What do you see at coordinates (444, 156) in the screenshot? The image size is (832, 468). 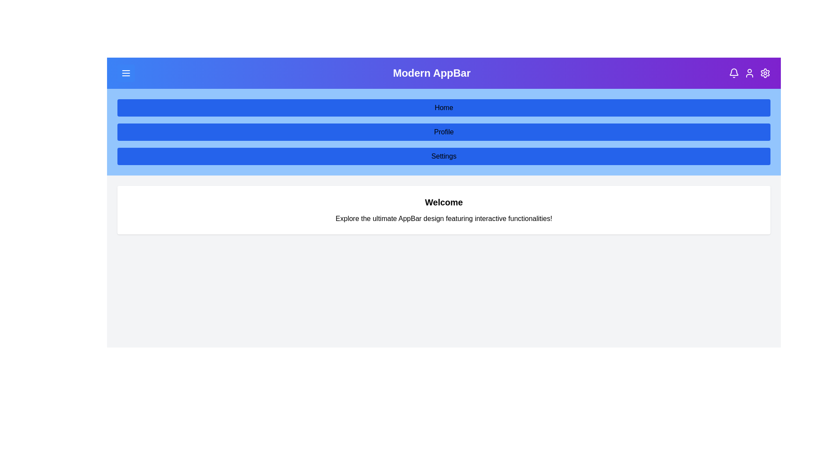 I see `the Settings navigation button` at bounding box center [444, 156].